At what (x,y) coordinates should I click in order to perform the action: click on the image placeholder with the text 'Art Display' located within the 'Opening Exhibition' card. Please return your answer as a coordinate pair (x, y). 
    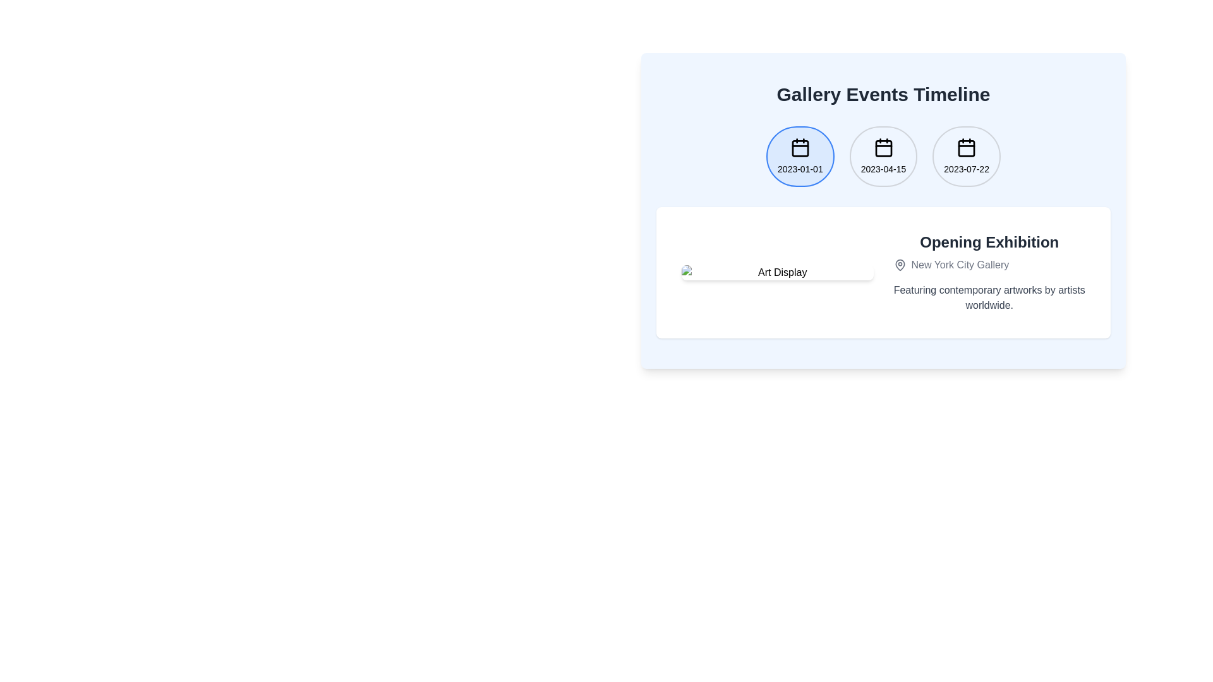
    Looking at the image, I should click on (776, 272).